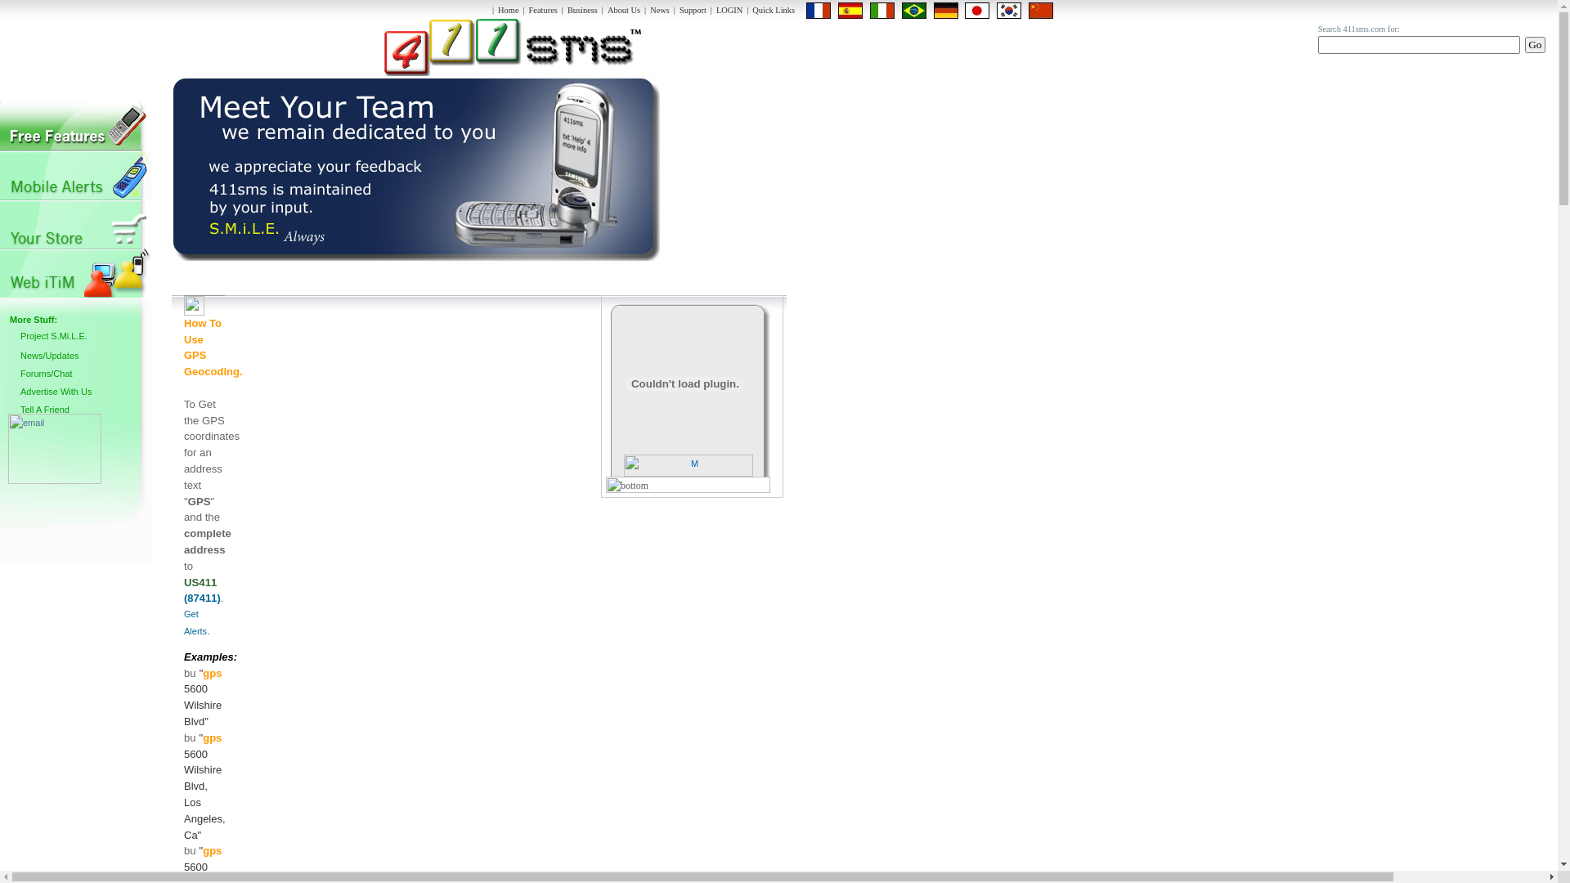 The image size is (1570, 883). Describe the element at coordinates (693, 9) in the screenshot. I see `'Support'` at that location.